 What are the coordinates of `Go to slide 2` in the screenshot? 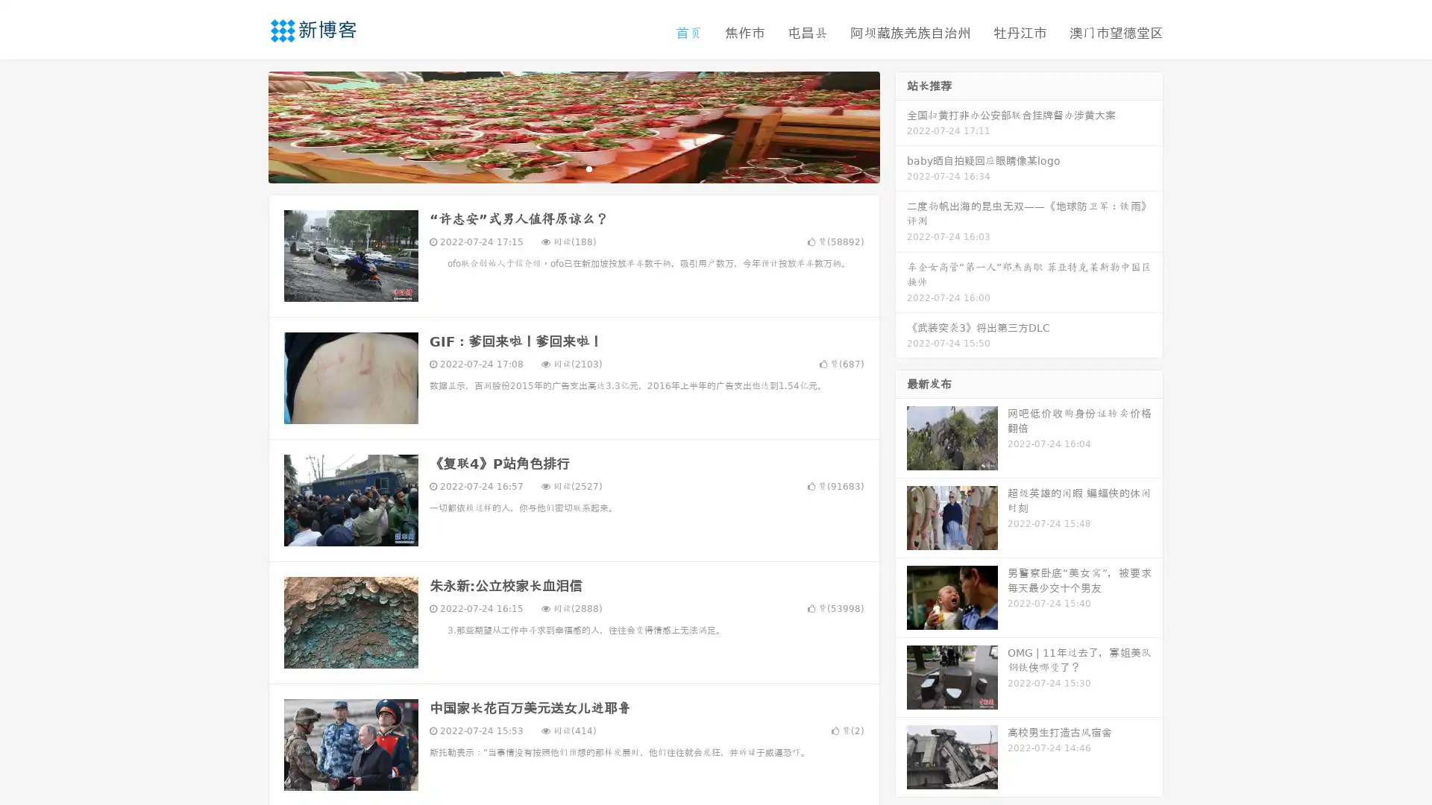 It's located at (573, 168).